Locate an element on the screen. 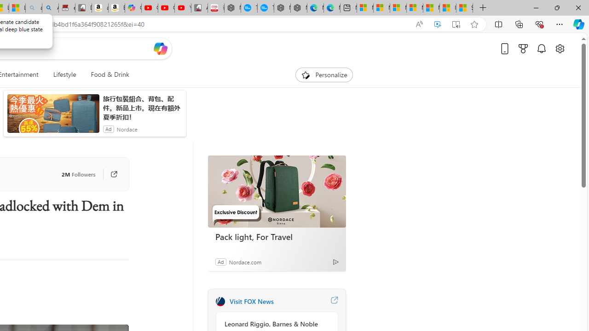 The image size is (589, 331). 'Lifestyle' is located at coordinates (64, 74).